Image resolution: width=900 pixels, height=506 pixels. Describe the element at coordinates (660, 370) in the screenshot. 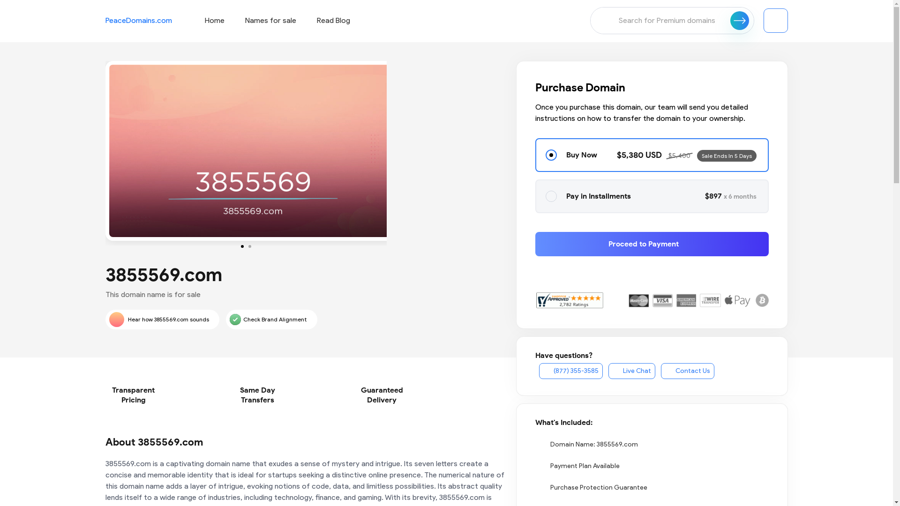

I see `'Contact Us'` at that location.